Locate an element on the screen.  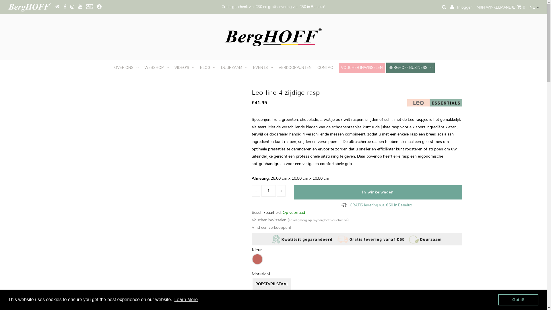
'EVENTS' is located at coordinates (263, 67).